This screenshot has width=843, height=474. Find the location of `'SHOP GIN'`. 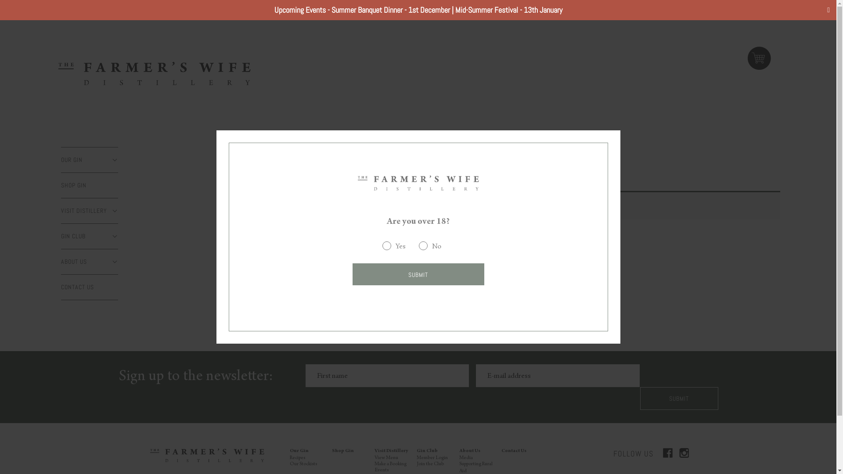

'SHOP GIN' is located at coordinates (90, 185).